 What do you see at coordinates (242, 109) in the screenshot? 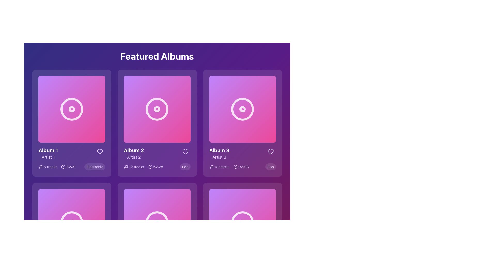
I see `the decorative SVG Circle element that completes the disc-like icon design on the album card for 'Album 3' in the Featured Albums section` at bounding box center [242, 109].